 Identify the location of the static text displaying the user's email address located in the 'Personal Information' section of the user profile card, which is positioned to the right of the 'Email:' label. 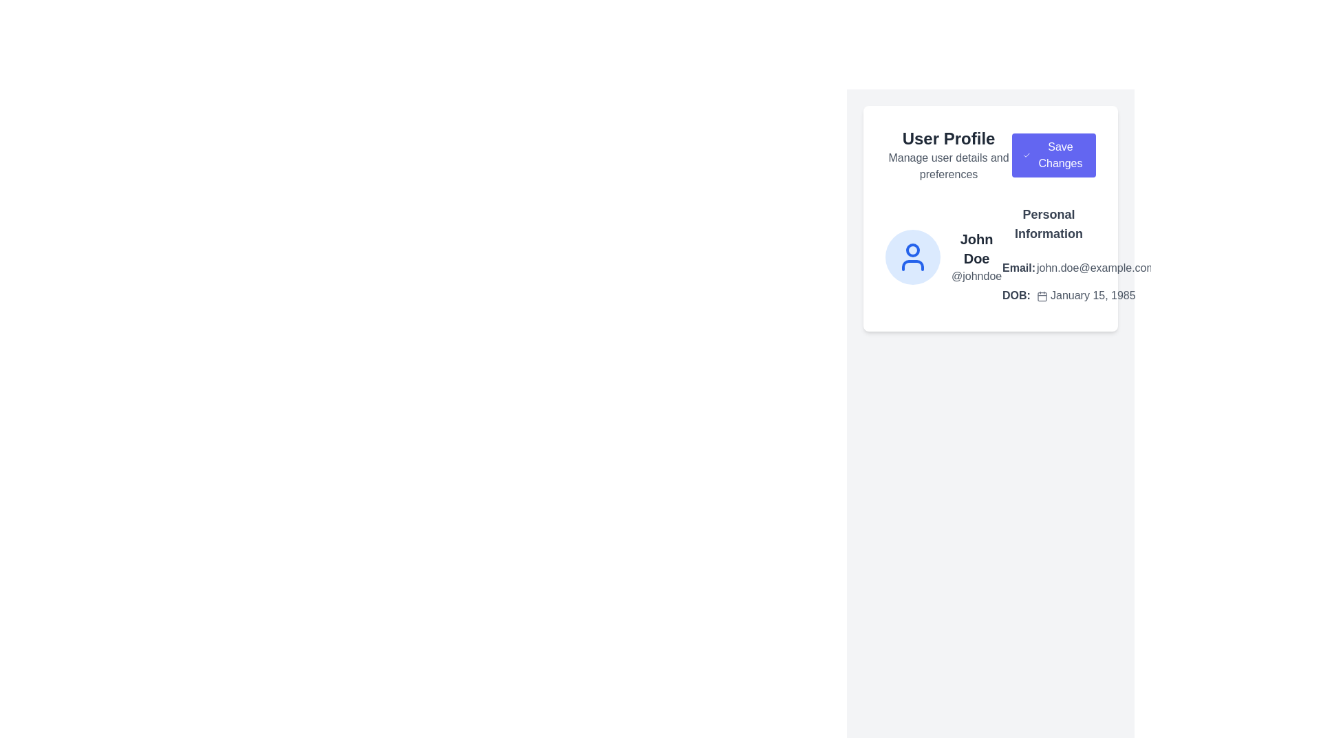
(1095, 268).